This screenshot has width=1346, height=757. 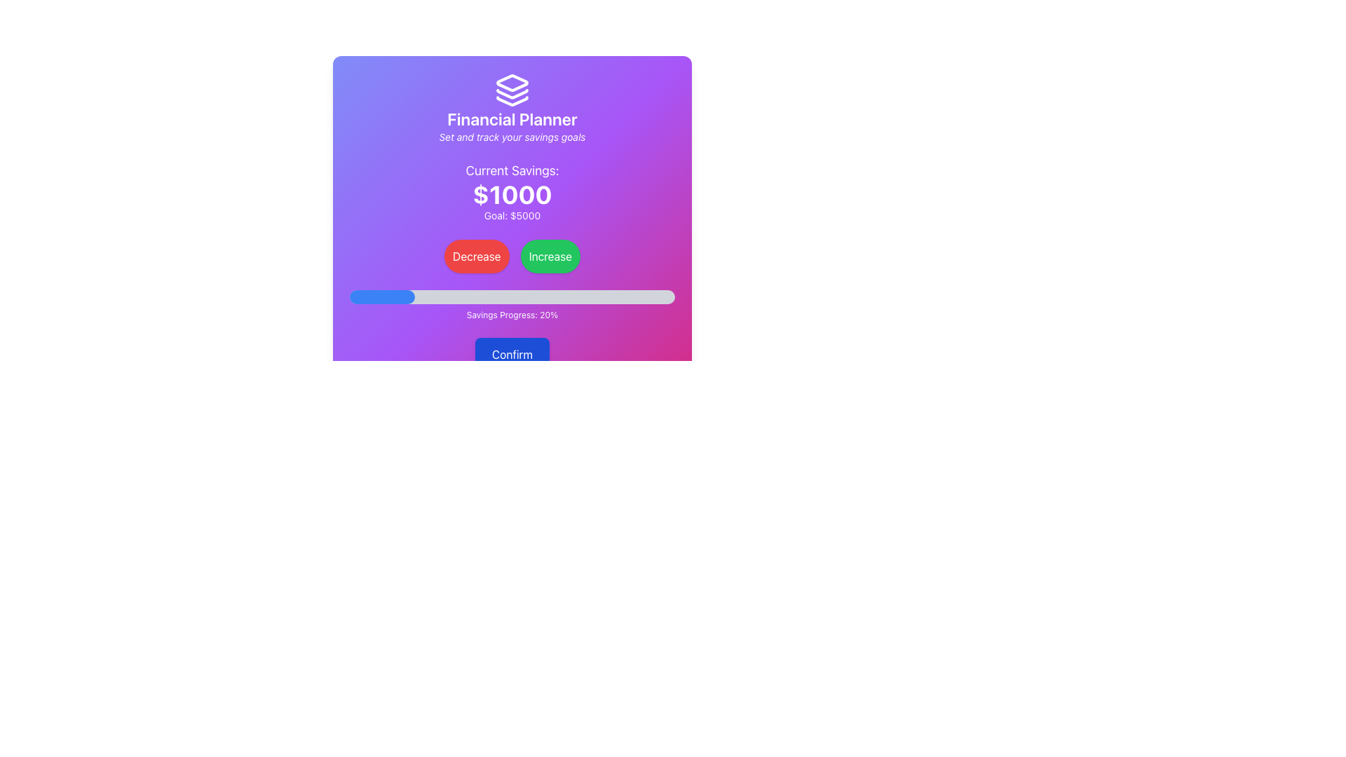 I want to click on the header text display that provides an overview of the feature, located at the upper section of the interface, centered horizontally, so click(x=511, y=107).